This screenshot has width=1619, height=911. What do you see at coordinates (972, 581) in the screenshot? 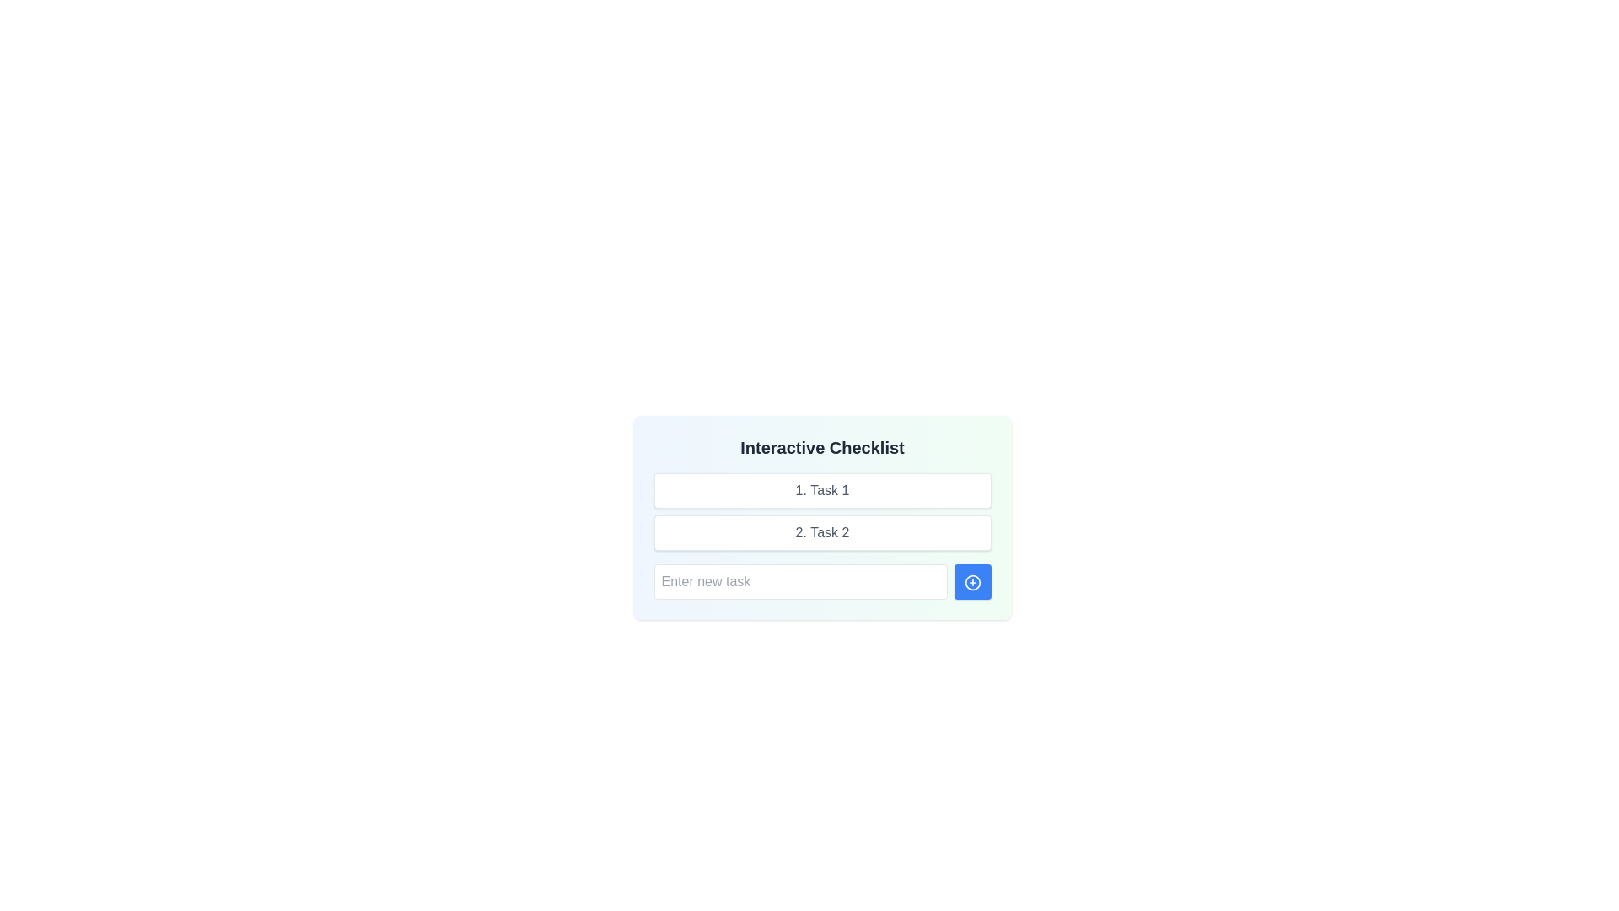
I see `the 'add task' button within the checklist interface, located adjacent to the text input field` at bounding box center [972, 581].